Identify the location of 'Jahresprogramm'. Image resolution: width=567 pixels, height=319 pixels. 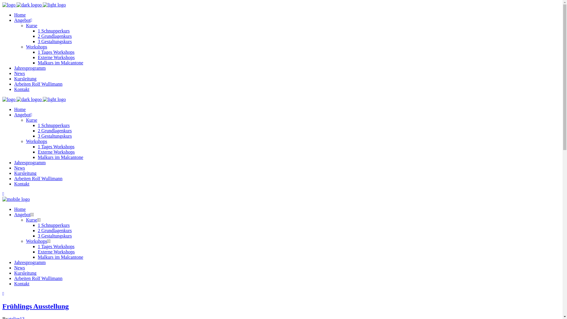
(30, 262).